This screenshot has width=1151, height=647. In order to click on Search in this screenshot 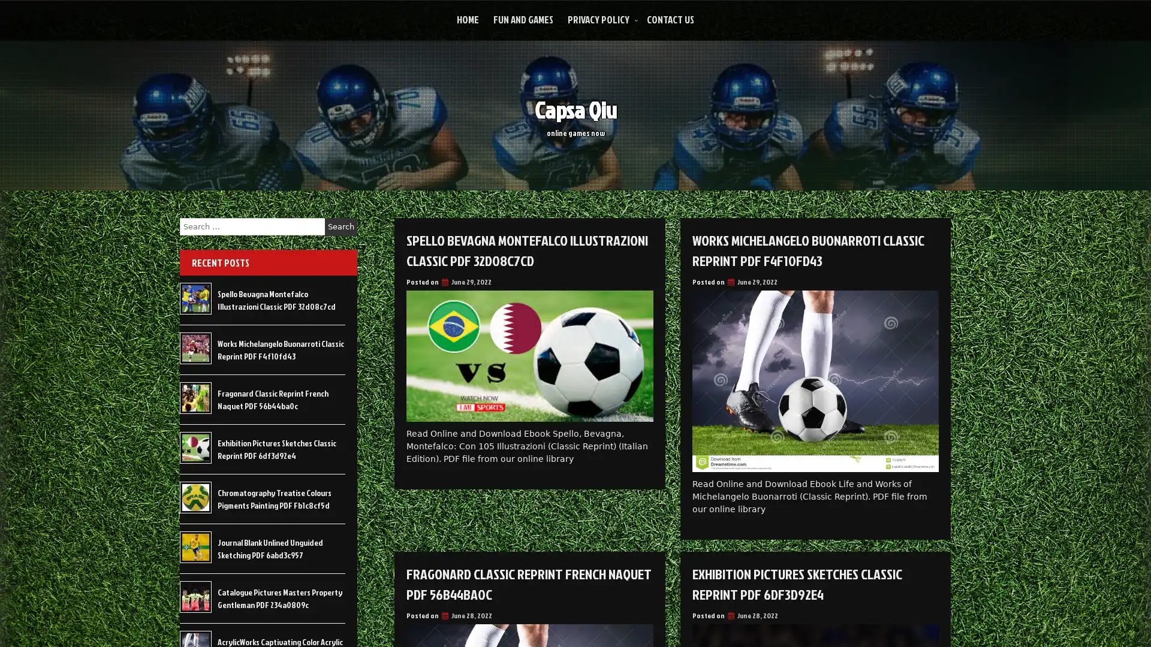, I will do `click(341, 226)`.